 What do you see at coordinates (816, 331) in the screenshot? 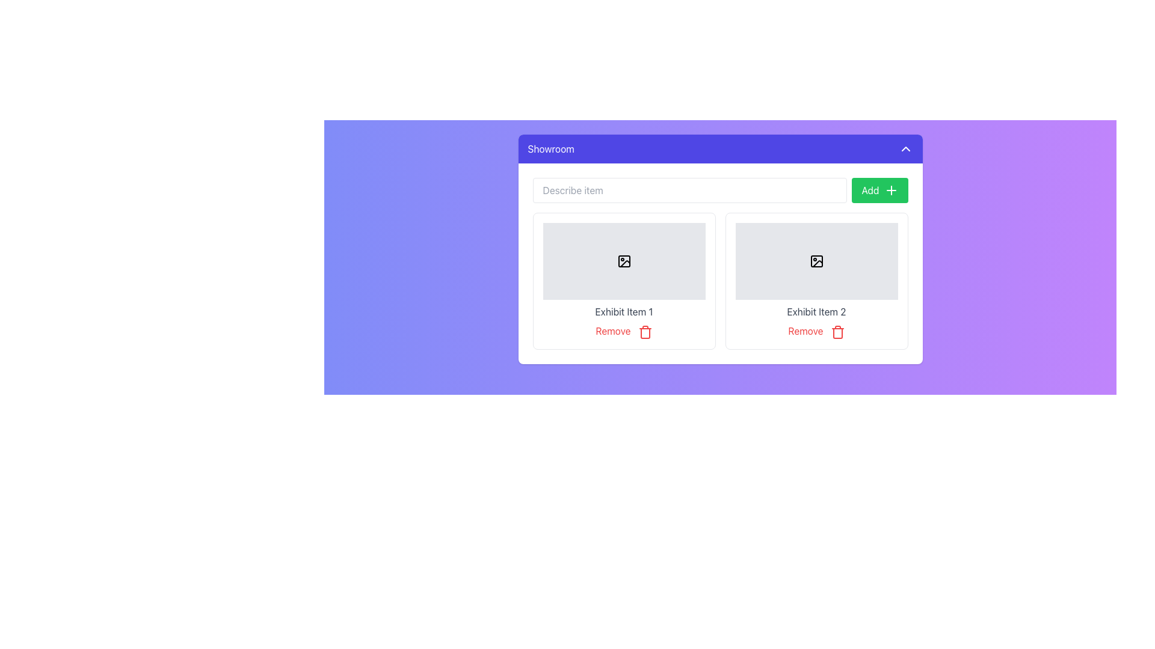
I see `the delete button located at the bottom-right corner of the 'Exhibit Item 2' card to observe the hover color change` at bounding box center [816, 331].